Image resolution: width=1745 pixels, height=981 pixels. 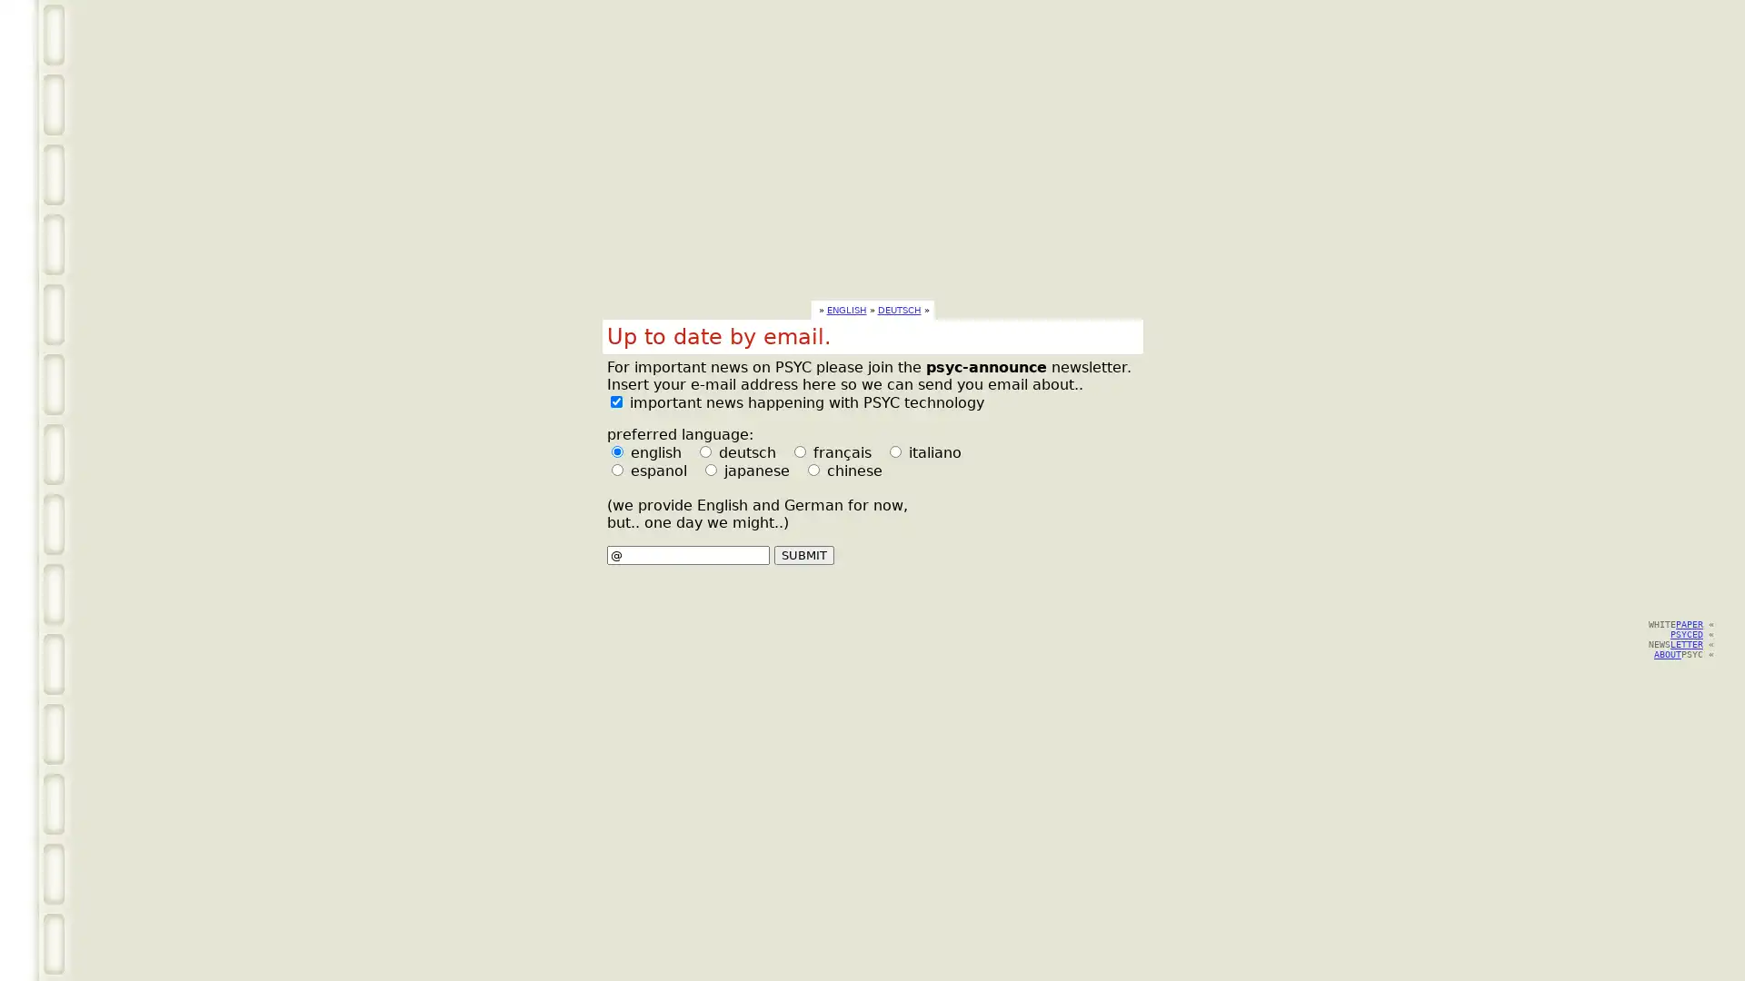 What do you see at coordinates (802, 554) in the screenshot?
I see `SUBMIT` at bounding box center [802, 554].